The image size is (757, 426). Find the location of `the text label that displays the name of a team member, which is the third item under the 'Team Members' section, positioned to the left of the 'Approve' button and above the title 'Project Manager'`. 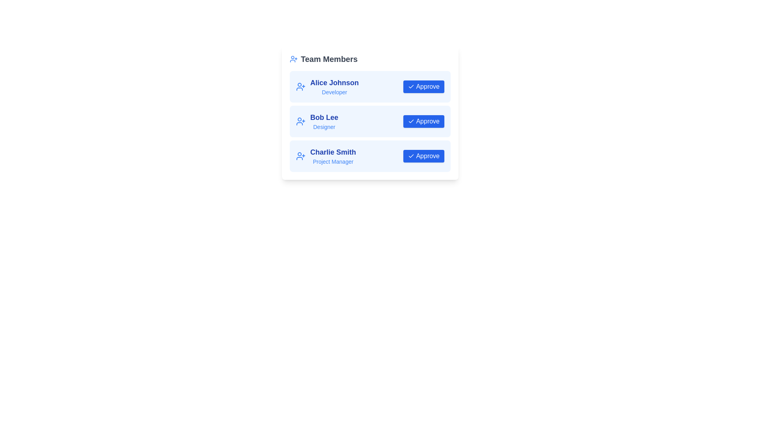

the text label that displays the name of a team member, which is the third item under the 'Team Members' section, positioned to the left of the 'Approve' button and above the title 'Project Manager' is located at coordinates (333, 152).